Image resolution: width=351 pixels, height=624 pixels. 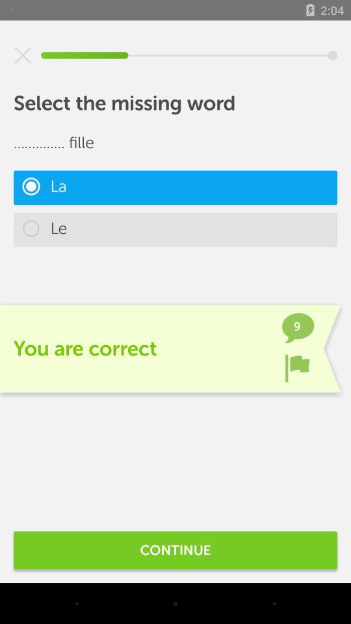 I want to click on item below the la icon, so click(x=175, y=229).